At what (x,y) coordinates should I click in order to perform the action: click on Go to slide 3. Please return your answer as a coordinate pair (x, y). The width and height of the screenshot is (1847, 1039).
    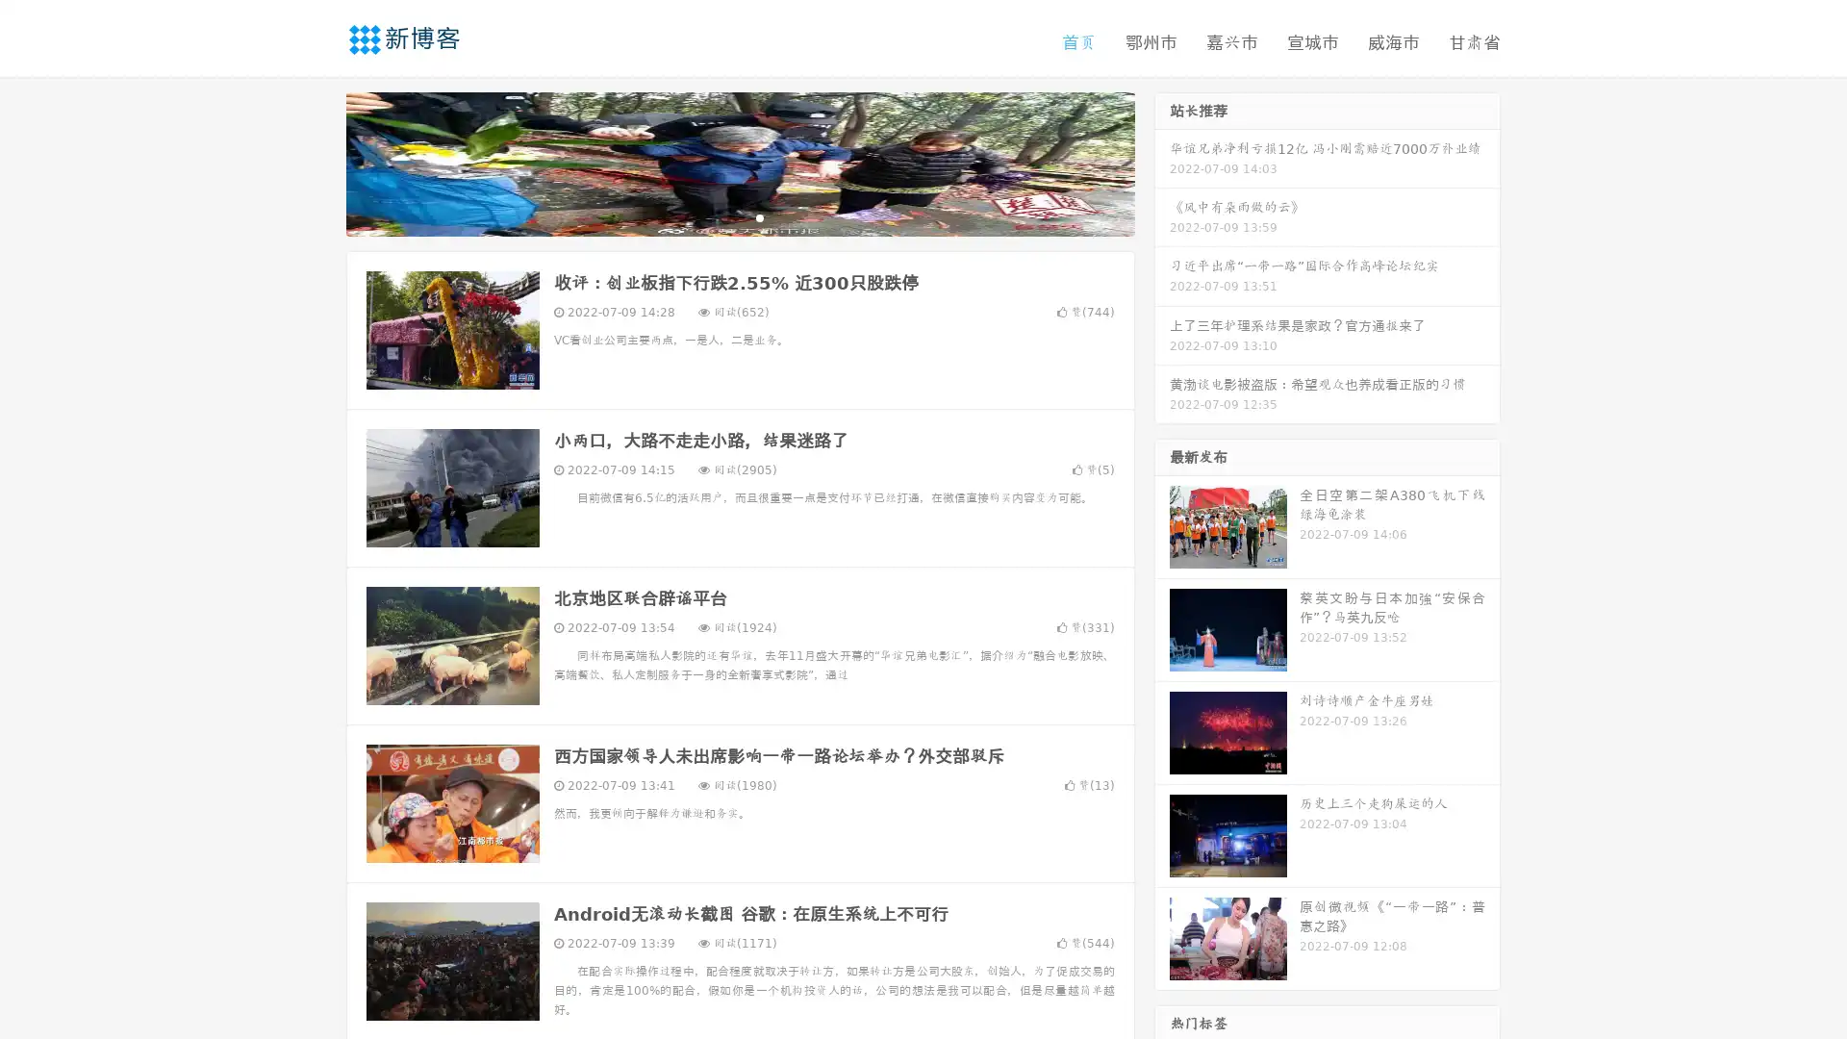
    Looking at the image, I should click on (759, 216).